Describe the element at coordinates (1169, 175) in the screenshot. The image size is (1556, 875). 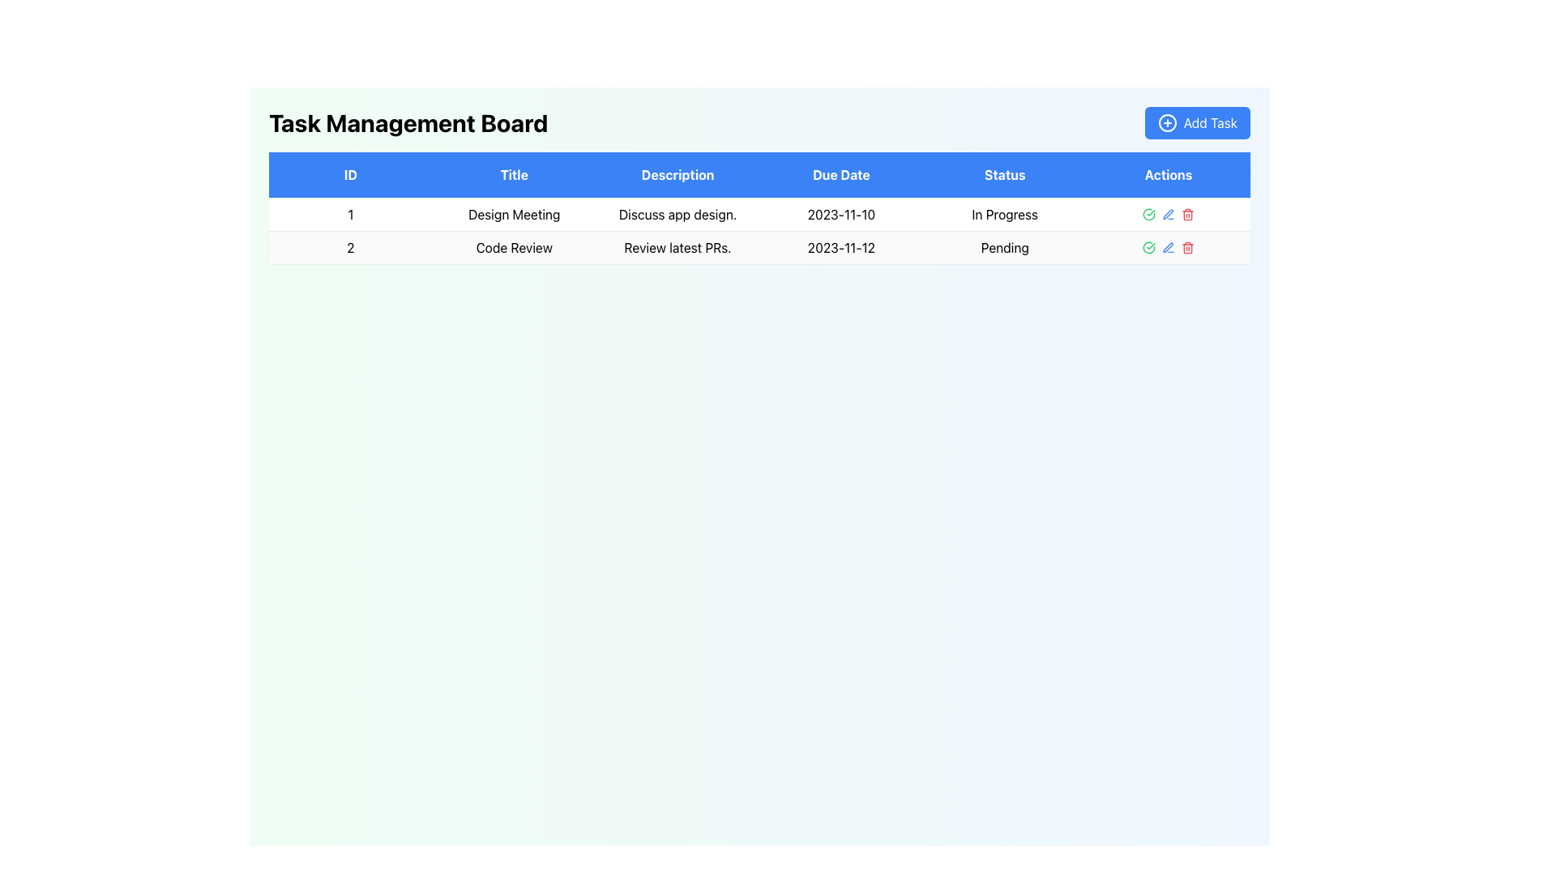
I see `the last column header in the table, which categorizes the actions available for each entry, located immediately to the right of the 'Status' column header` at that location.